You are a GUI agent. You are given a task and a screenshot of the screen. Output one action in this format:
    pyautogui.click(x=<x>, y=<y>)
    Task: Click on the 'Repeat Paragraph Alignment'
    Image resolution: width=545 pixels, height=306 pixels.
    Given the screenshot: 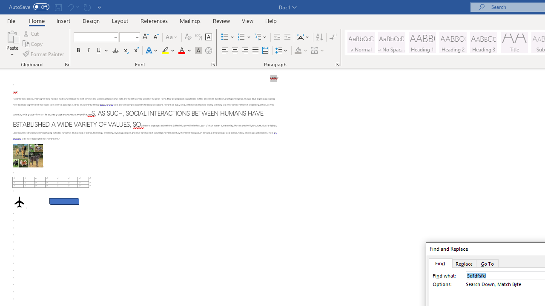 What is the action you would take?
    pyautogui.click(x=87, y=7)
    